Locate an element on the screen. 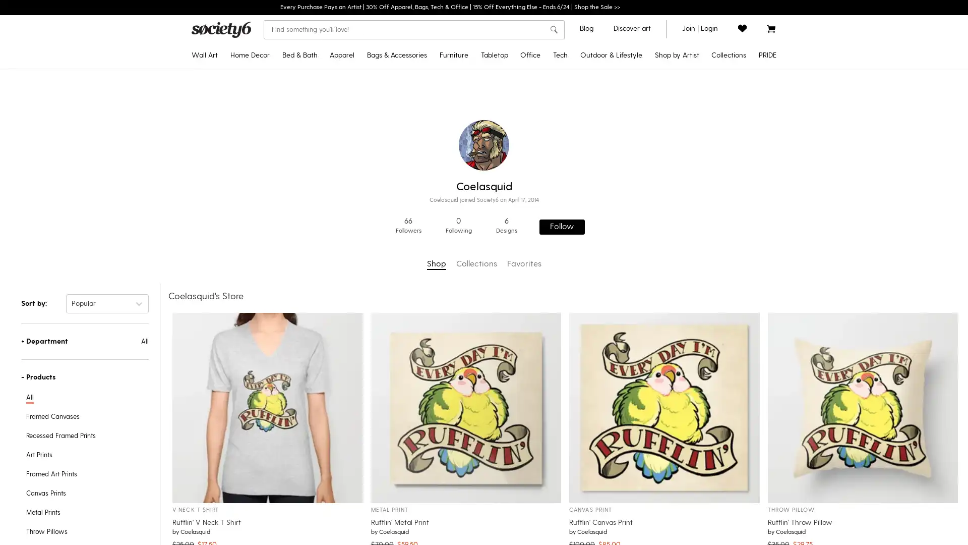  Recessed Framed Prints is located at coordinates (237, 113).